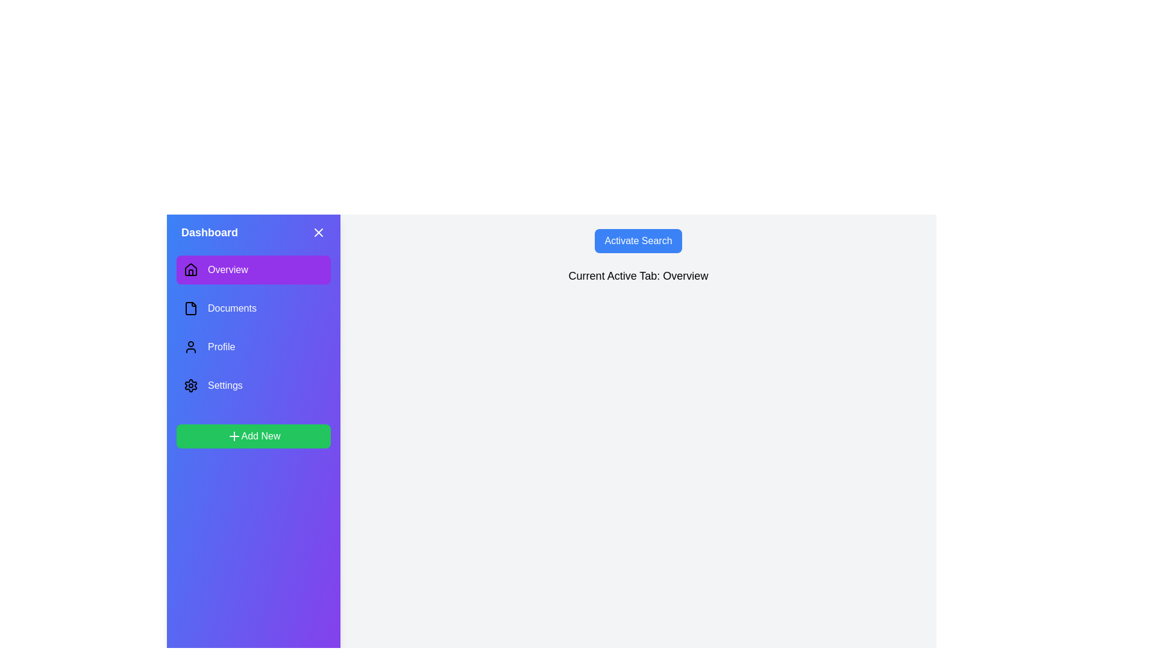  Describe the element at coordinates (318, 232) in the screenshot. I see `the 'X' shaped icon located in the top-right corner of the side navigation panel near the 'Dashboard' title` at that location.